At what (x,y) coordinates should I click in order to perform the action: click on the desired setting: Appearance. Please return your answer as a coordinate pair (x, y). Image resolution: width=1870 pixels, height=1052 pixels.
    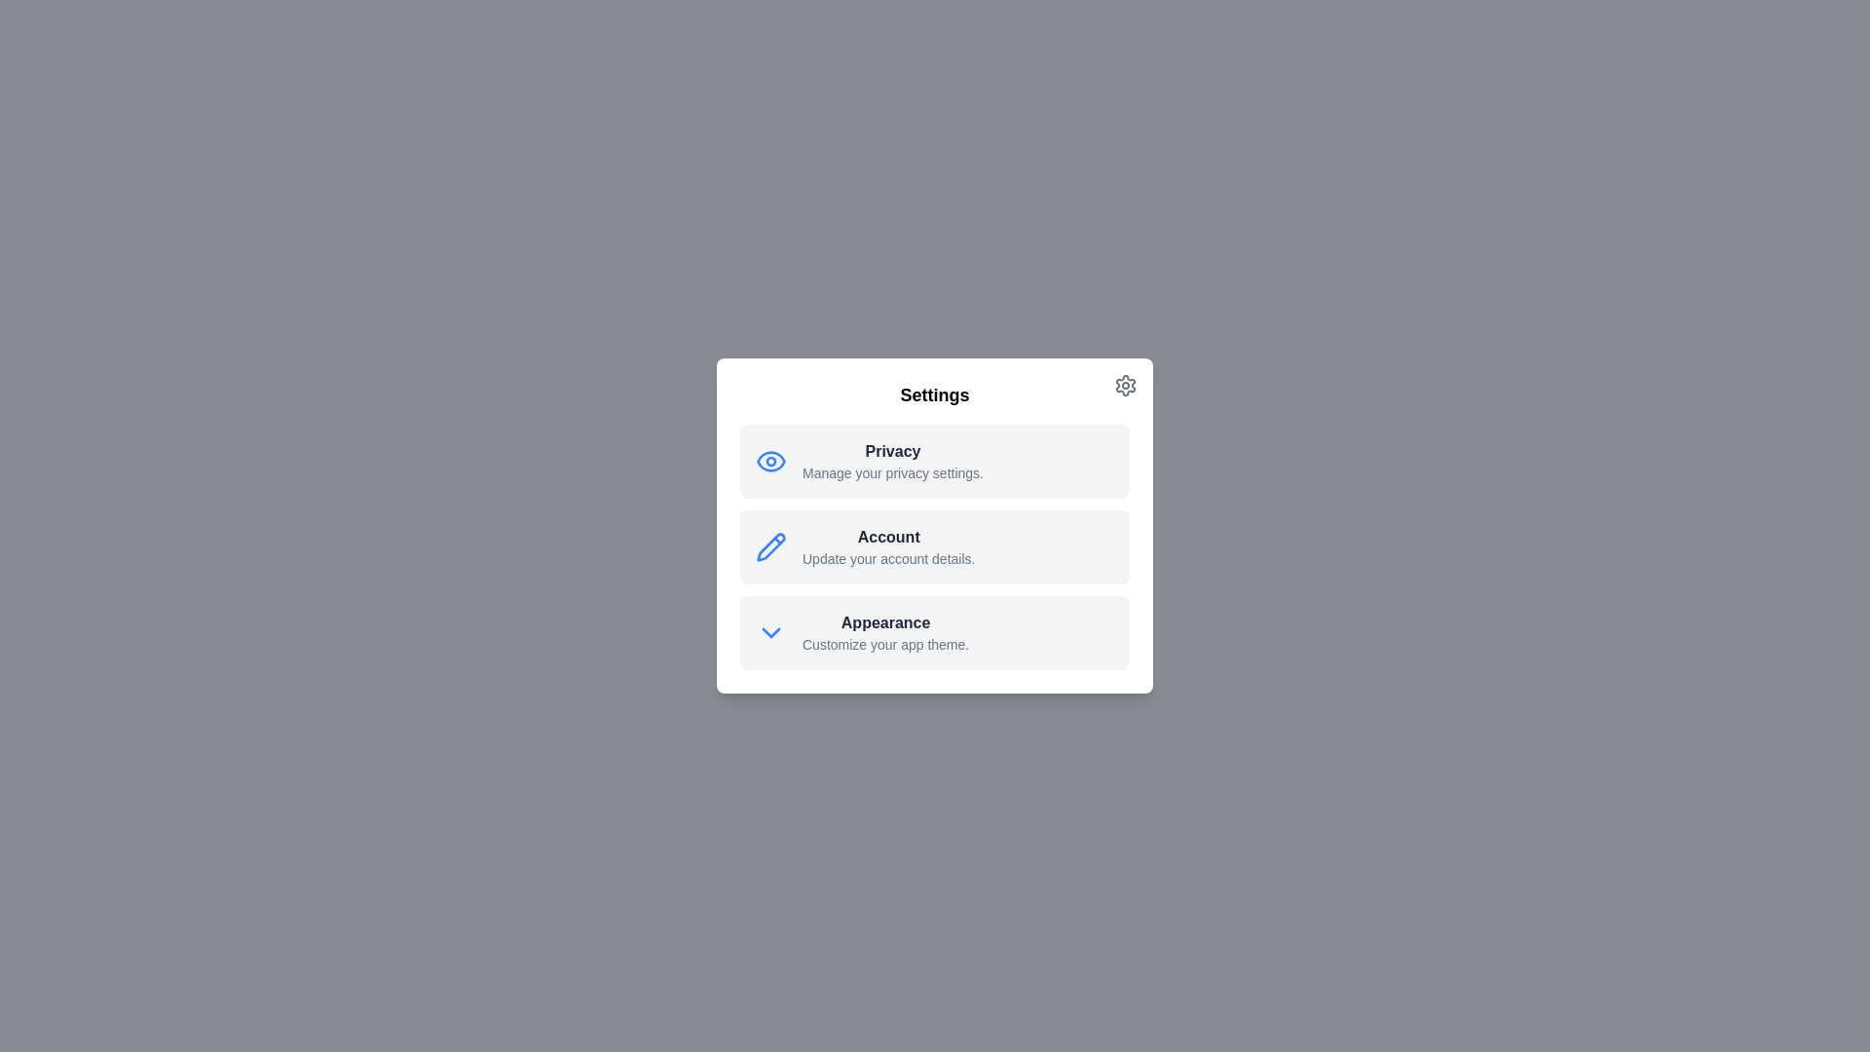
    Looking at the image, I should click on (935, 633).